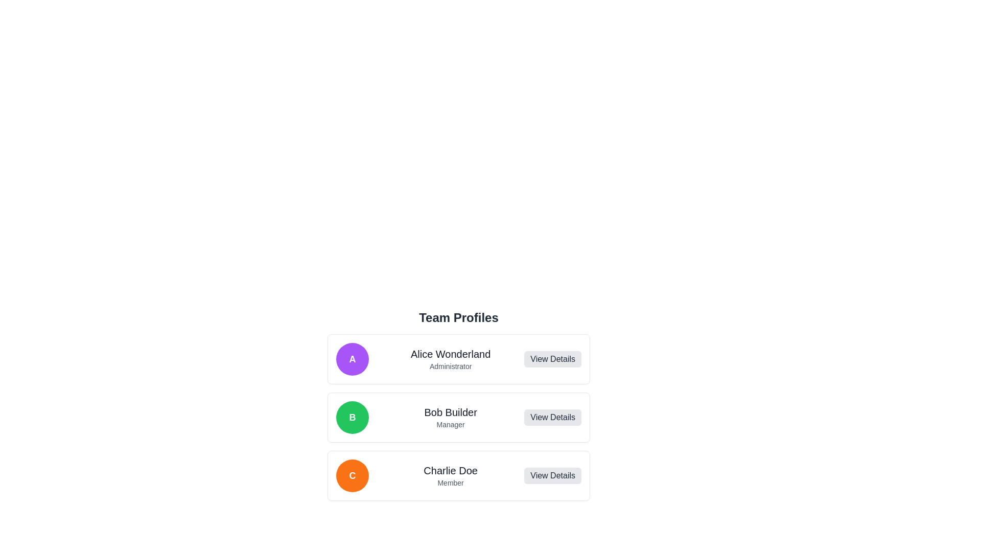 The image size is (981, 552). What do you see at coordinates (450, 366) in the screenshot?
I see `text label 'Administrator' which is styled in a small font size and located directly below 'Alice Wonderland' in the first entry of a vertically stacked list` at bounding box center [450, 366].